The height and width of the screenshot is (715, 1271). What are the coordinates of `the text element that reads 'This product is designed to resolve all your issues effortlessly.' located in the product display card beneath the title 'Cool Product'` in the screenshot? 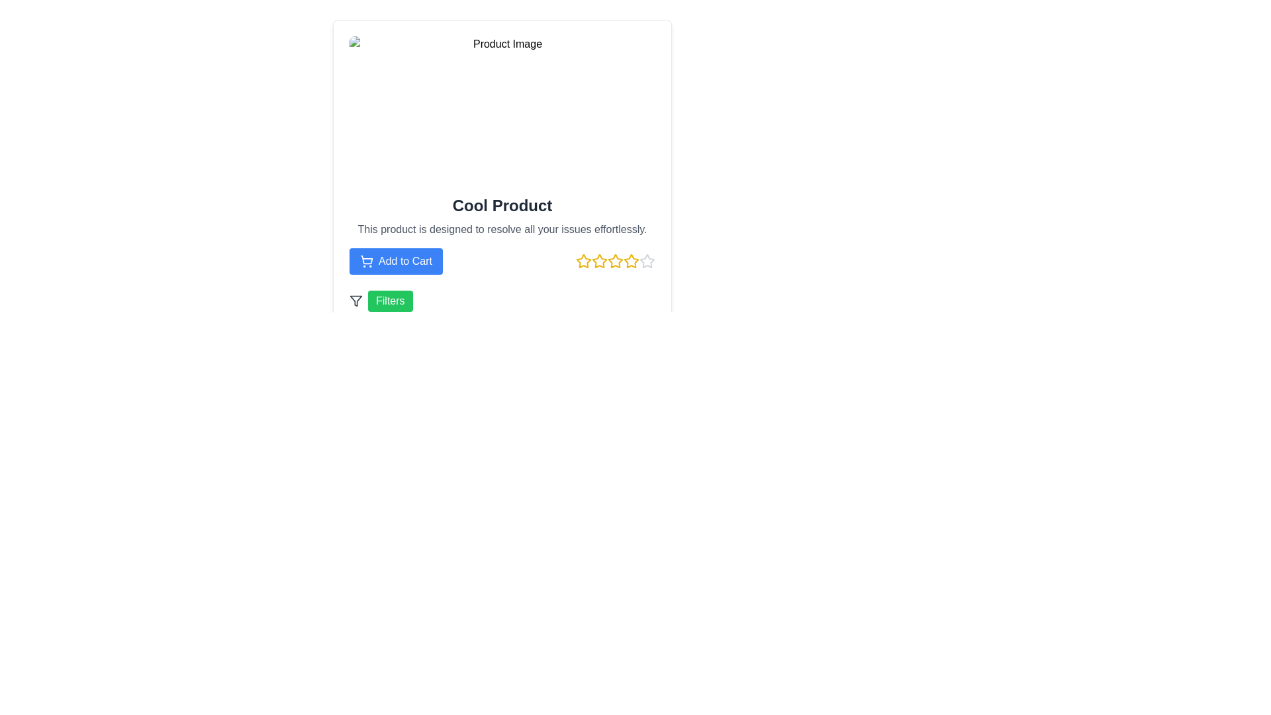 It's located at (501, 229).